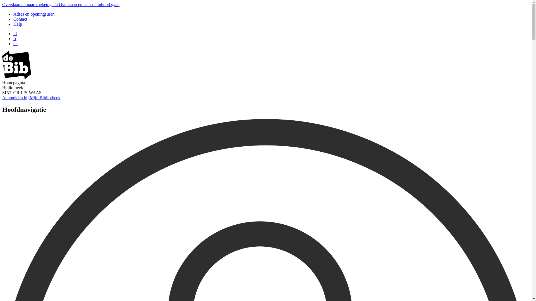  I want to click on 'fr', so click(15, 38).